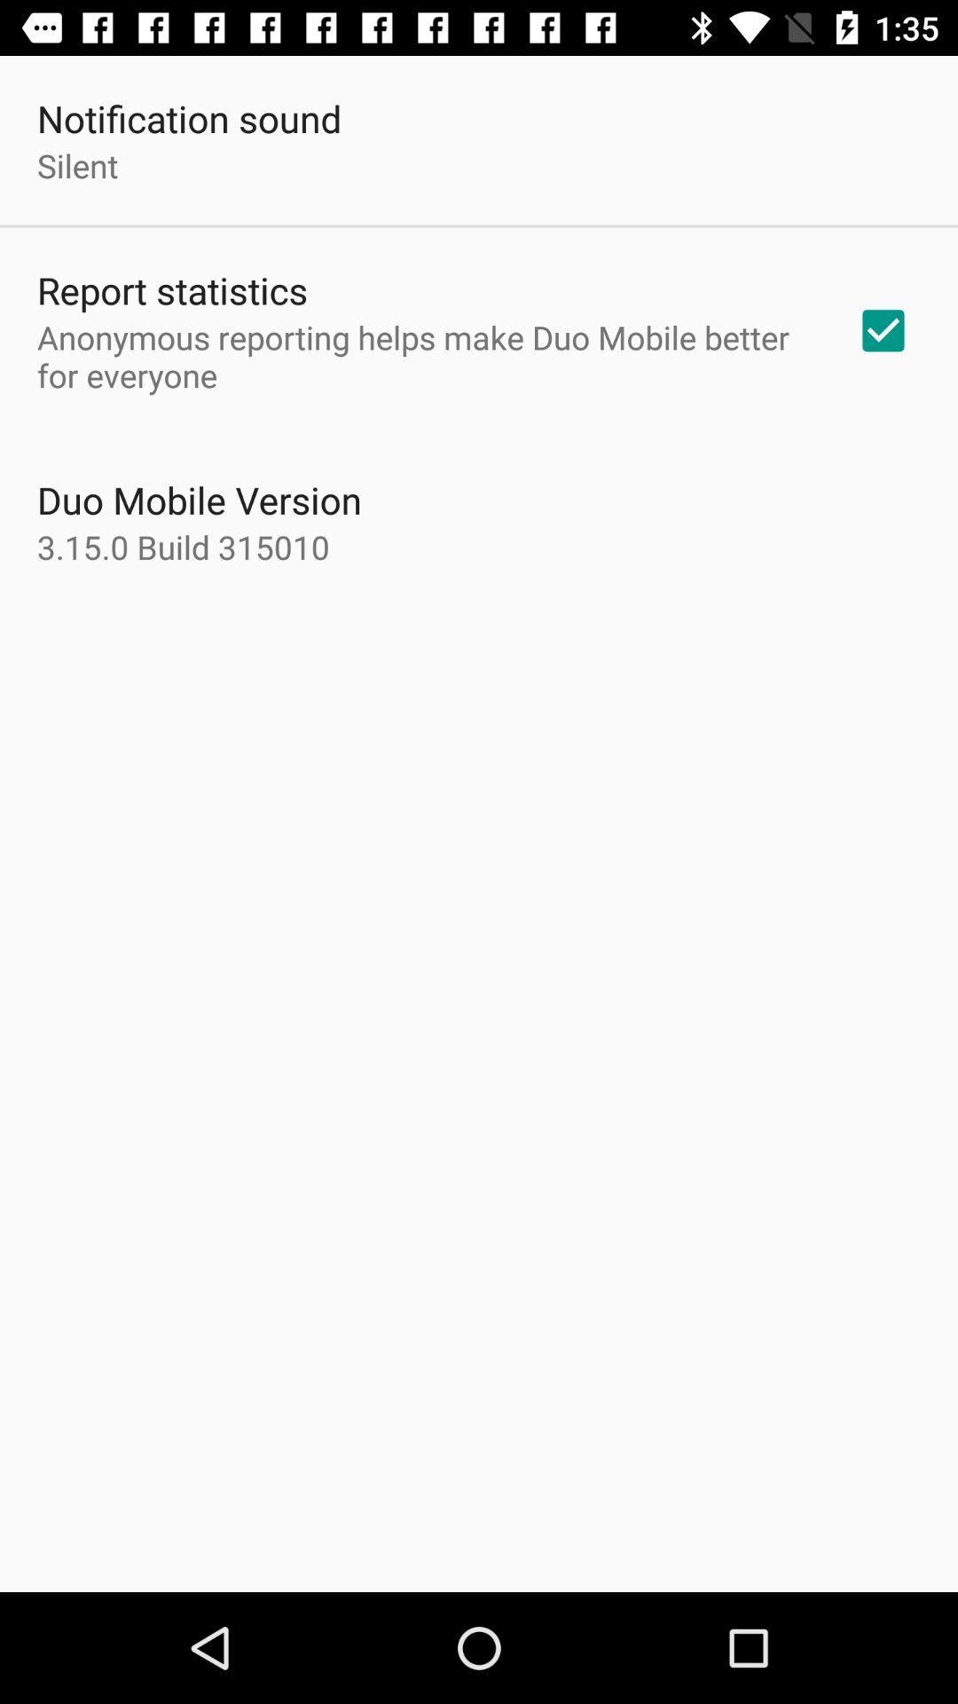  What do you see at coordinates (76, 165) in the screenshot?
I see `silent app` at bounding box center [76, 165].